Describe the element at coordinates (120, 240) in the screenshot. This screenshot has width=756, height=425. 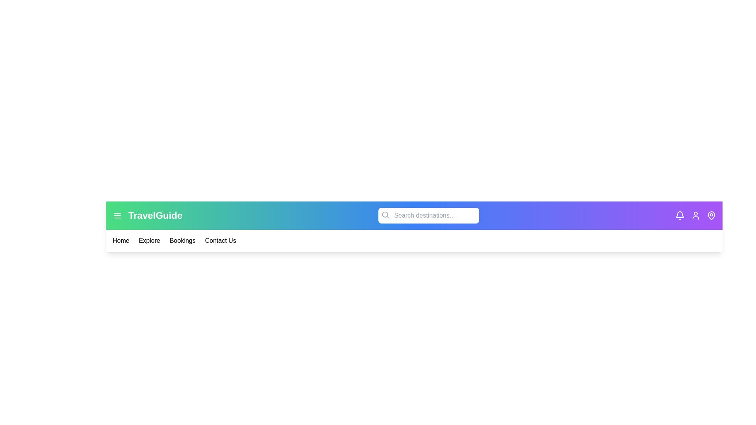
I see `the menu item Home from the navigation bar` at that location.